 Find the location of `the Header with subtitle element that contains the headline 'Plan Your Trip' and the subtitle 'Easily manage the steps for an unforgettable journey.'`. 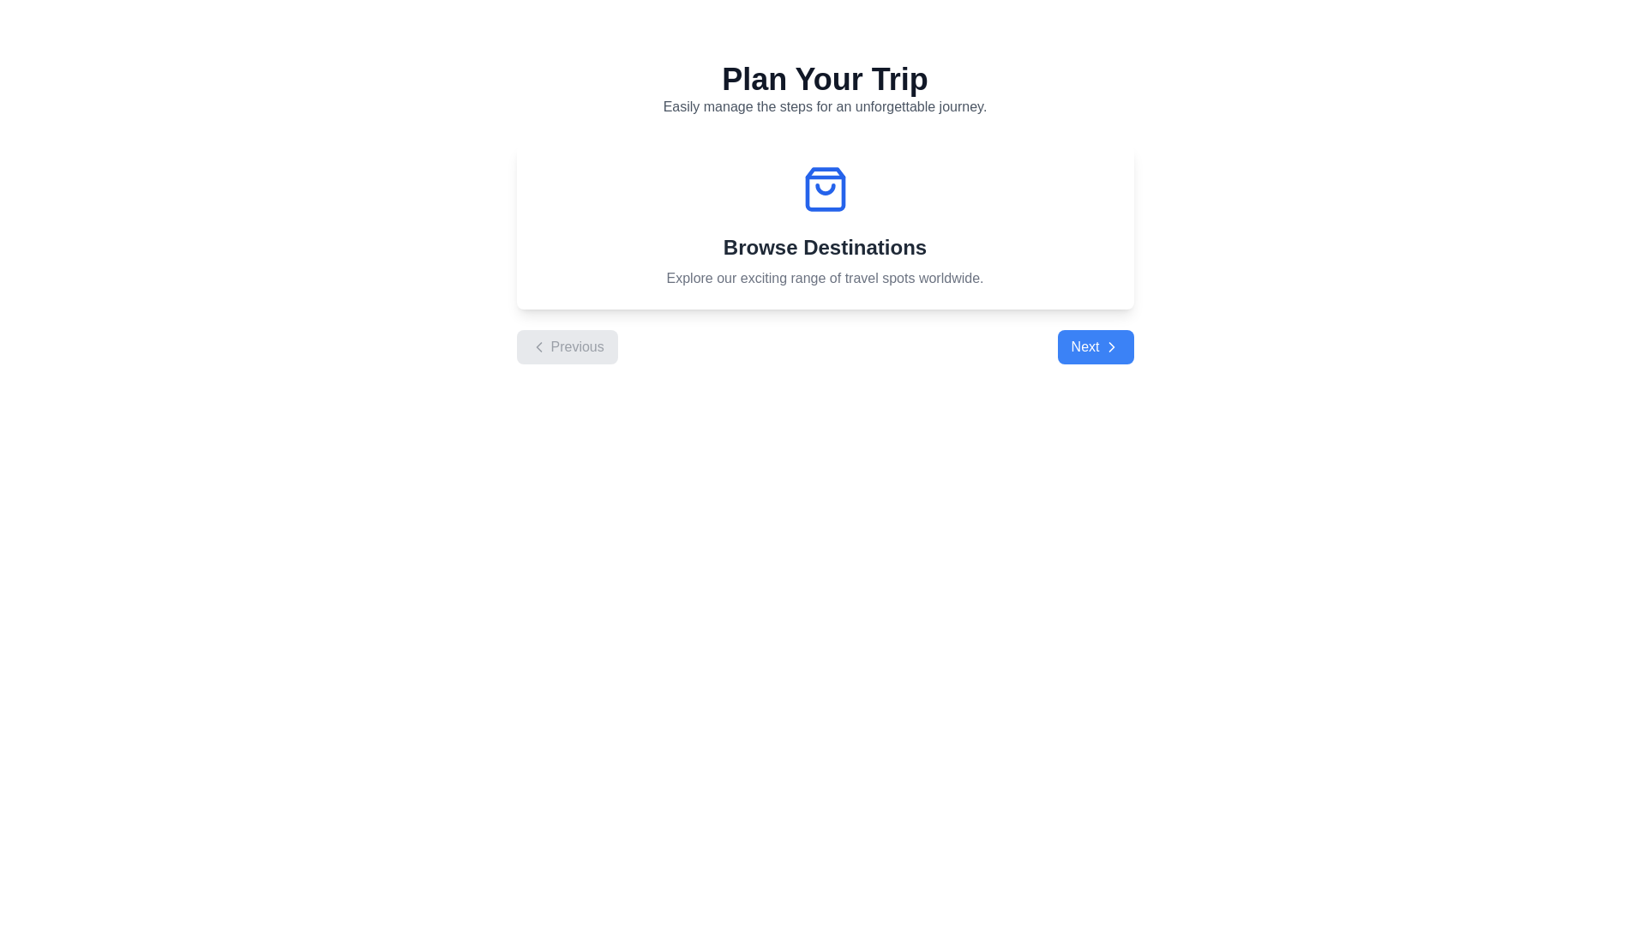

the Header with subtitle element that contains the headline 'Plan Your Trip' and the subtitle 'Easily manage the steps for an unforgettable journey.' is located at coordinates (825, 89).